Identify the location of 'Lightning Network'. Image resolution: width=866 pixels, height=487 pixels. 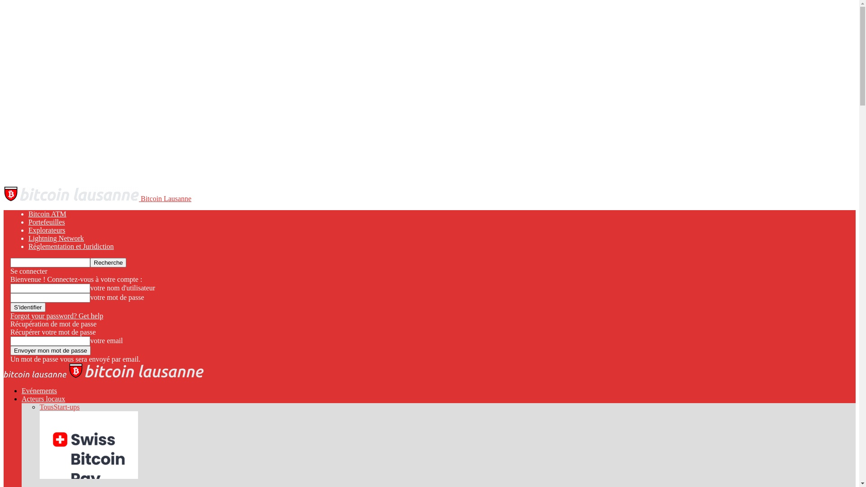
(55, 238).